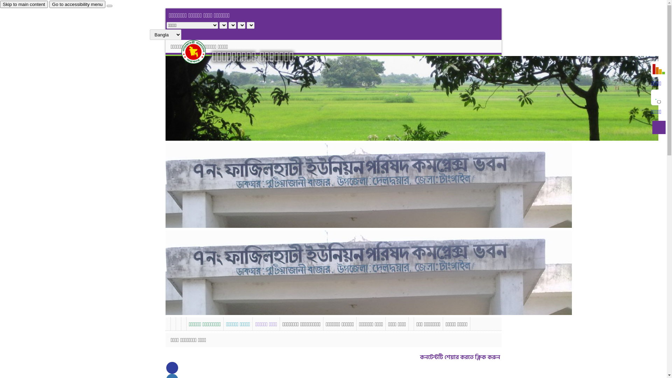 The width and height of the screenshot is (672, 378). Describe the element at coordinates (199, 51) in the screenshot. I see `'` at that location.